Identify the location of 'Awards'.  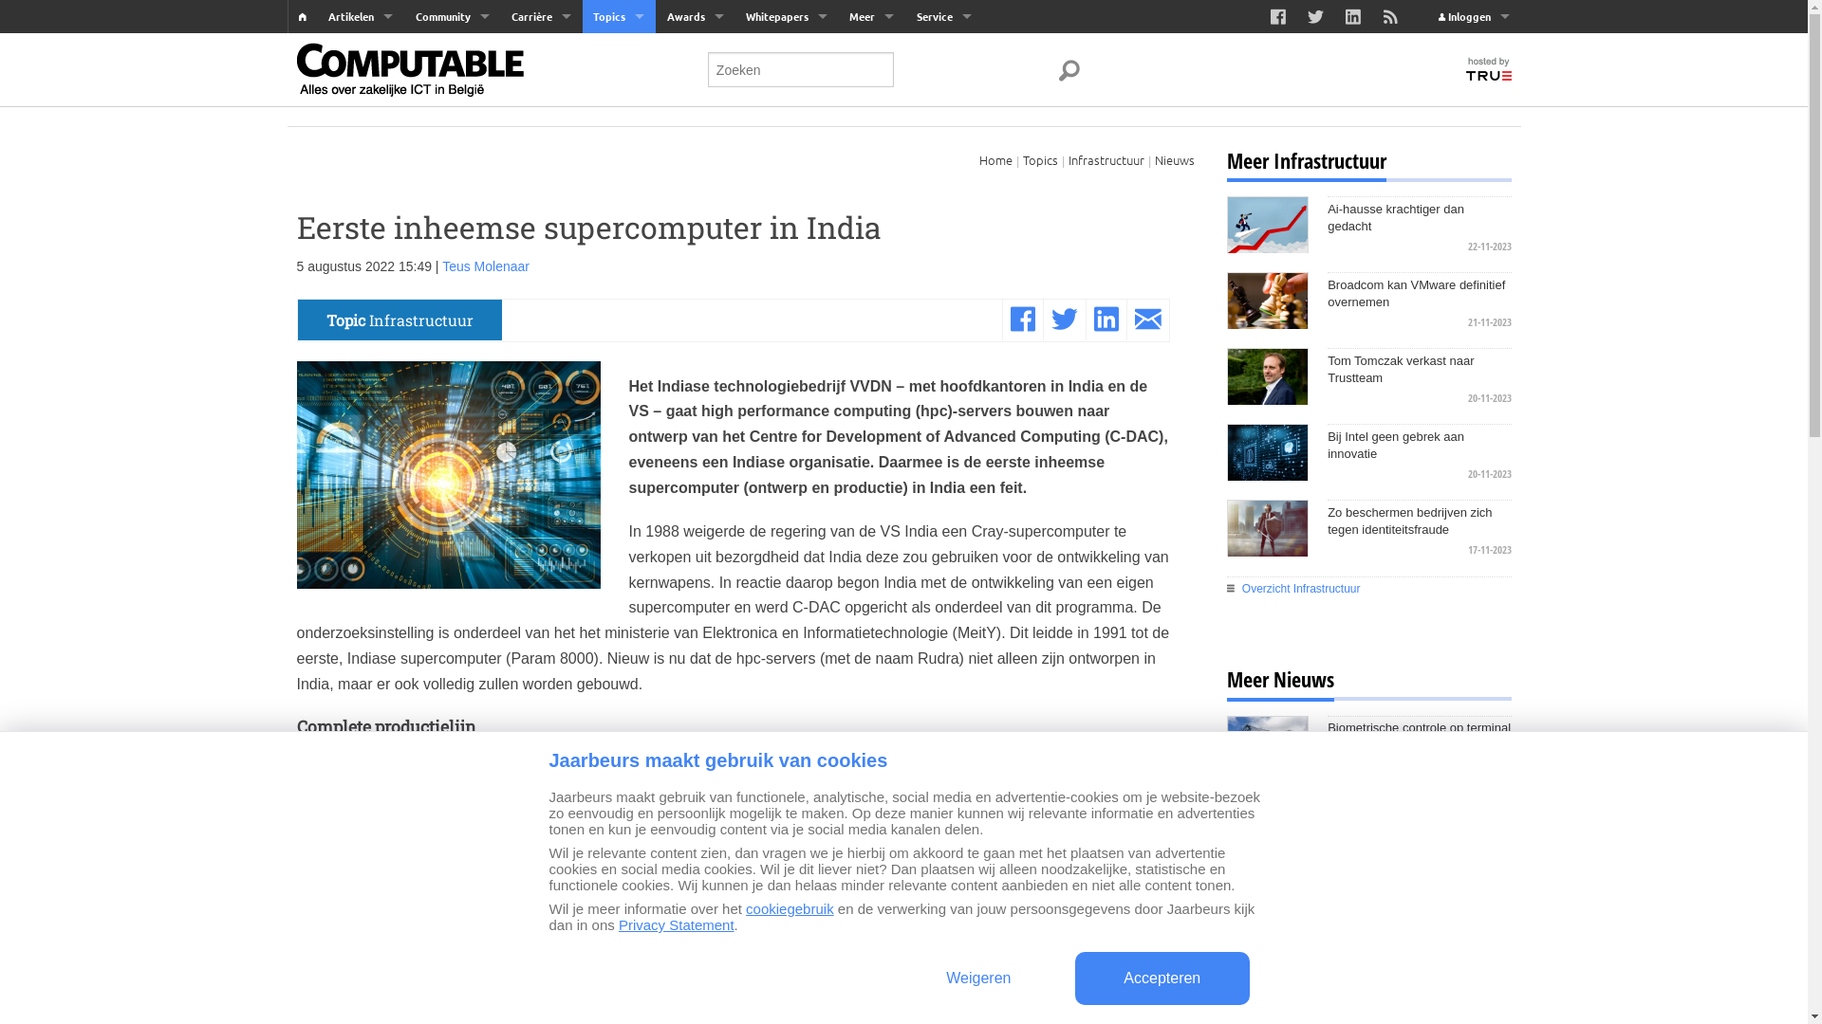
(694, 16).